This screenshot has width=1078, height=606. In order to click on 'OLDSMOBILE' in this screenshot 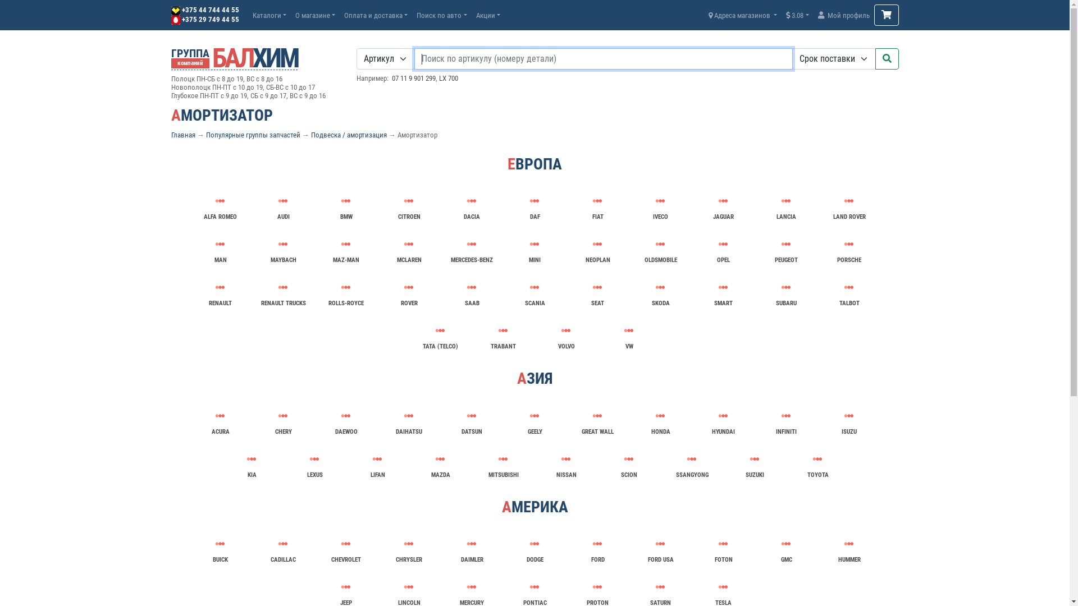, I will do `click(660, 244)`.